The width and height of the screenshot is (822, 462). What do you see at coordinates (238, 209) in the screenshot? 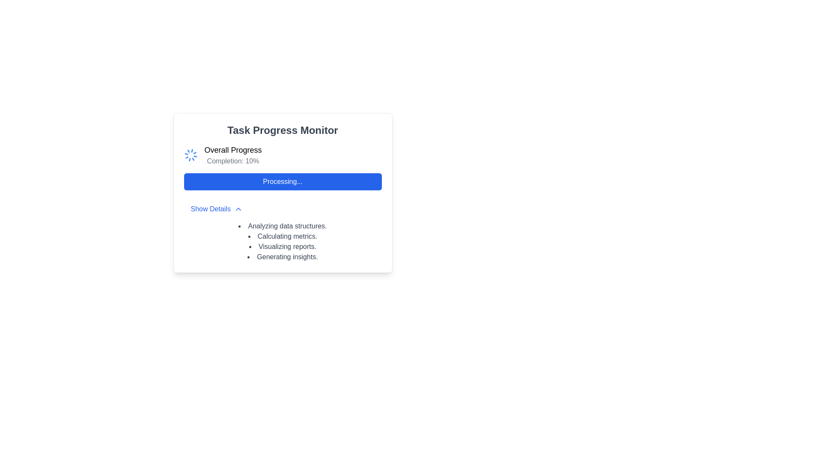
I see `the chevron icon located to the right of the 'Show Details' text` at bounding box center [238, 209].